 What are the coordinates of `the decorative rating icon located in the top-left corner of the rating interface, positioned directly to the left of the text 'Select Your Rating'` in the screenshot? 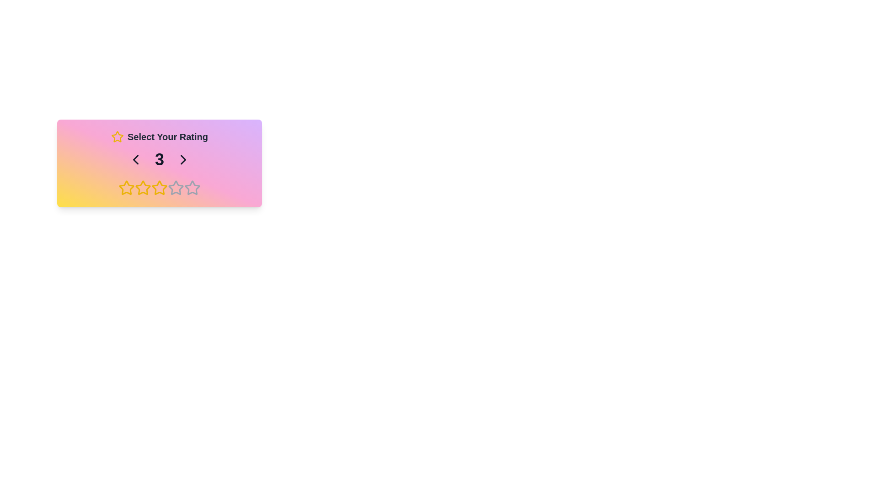 It's located at (117, 136).